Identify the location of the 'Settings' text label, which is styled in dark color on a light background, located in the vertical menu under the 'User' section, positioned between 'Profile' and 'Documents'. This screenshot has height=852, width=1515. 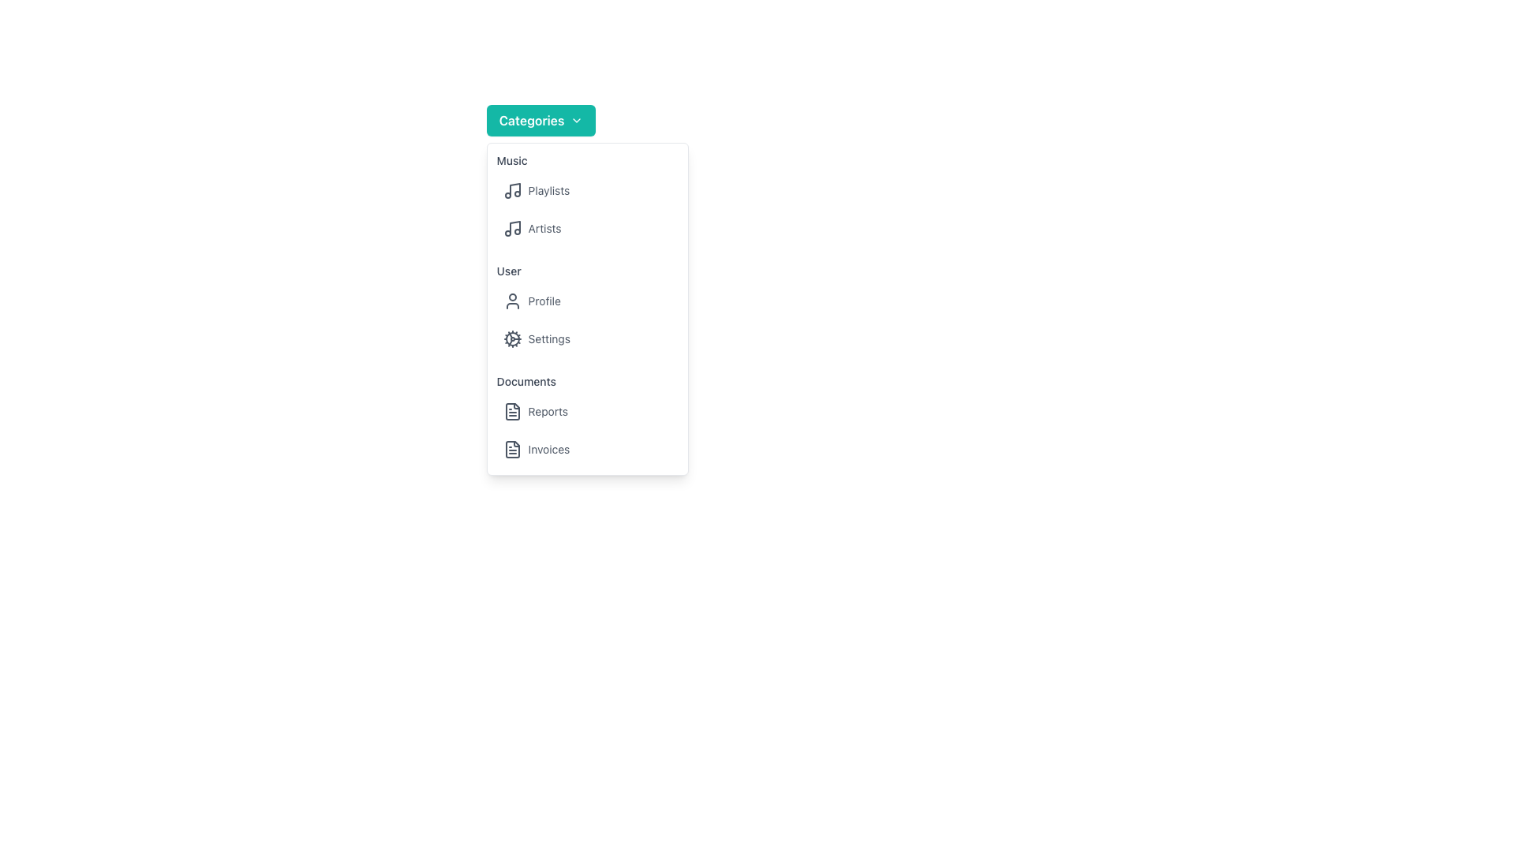
(549, 338).